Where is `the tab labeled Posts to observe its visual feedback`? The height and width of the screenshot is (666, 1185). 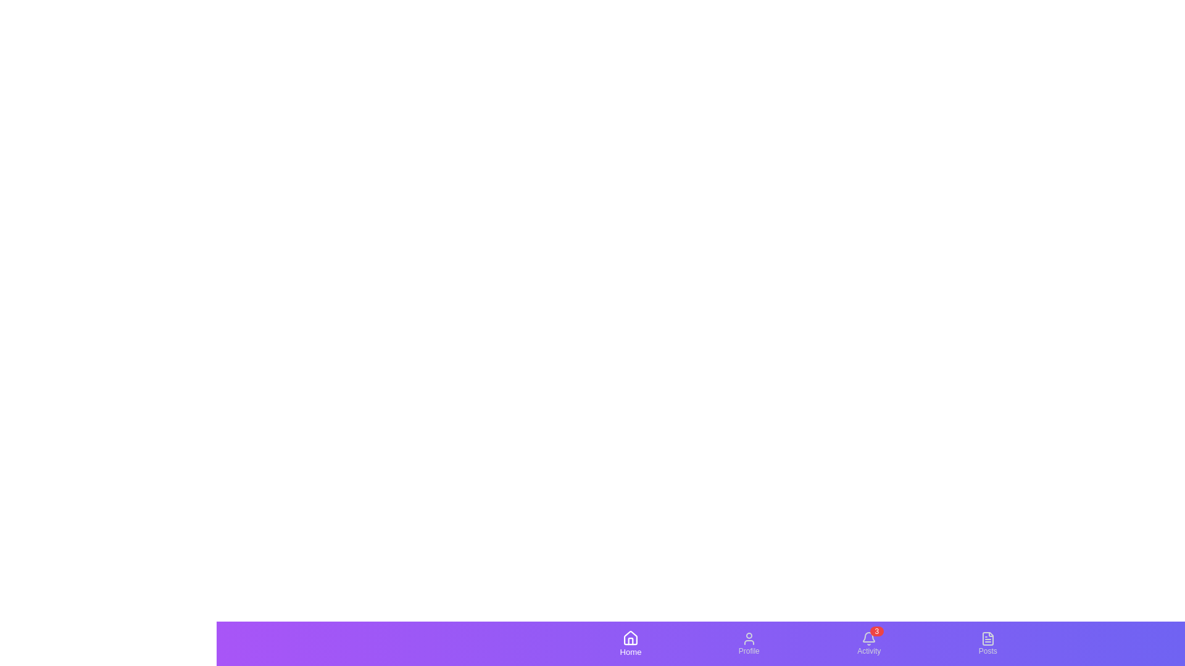
the tab labeled Posts to observe its visual feedback is located at coordinates (986, 643).